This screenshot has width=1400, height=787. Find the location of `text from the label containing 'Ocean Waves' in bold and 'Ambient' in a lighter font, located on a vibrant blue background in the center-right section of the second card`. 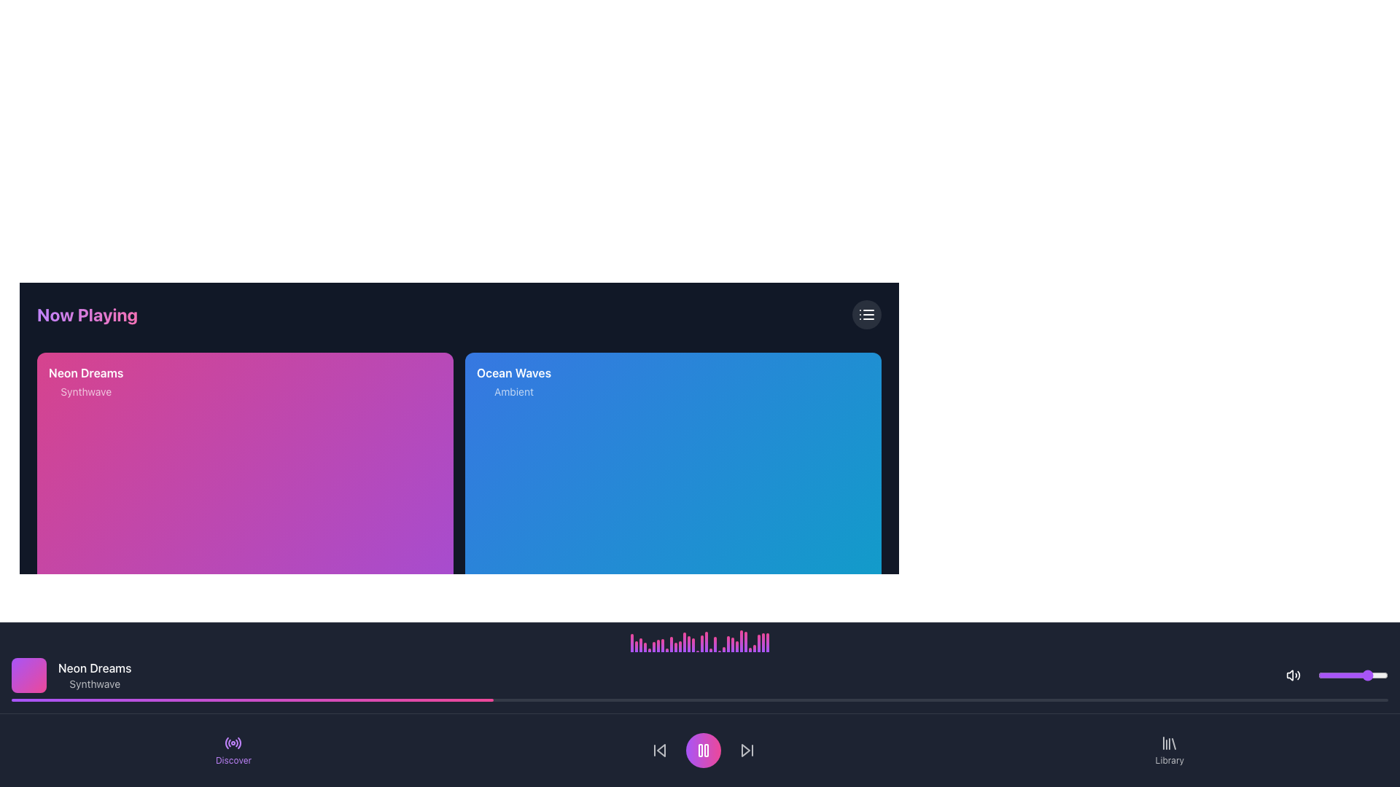

text from the label containing 'Ocean Waves' in bold and 'Ambient' in a lighter font, located on a vibrant blue background in the center-right section of the second card is located at coordinates (514, 381).